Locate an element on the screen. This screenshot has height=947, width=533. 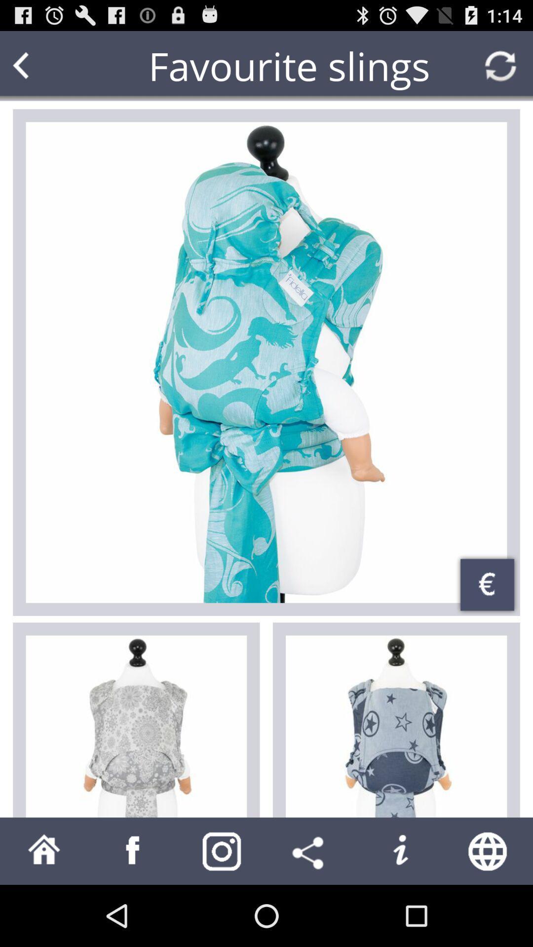
home is located at coordinates (43, 850).